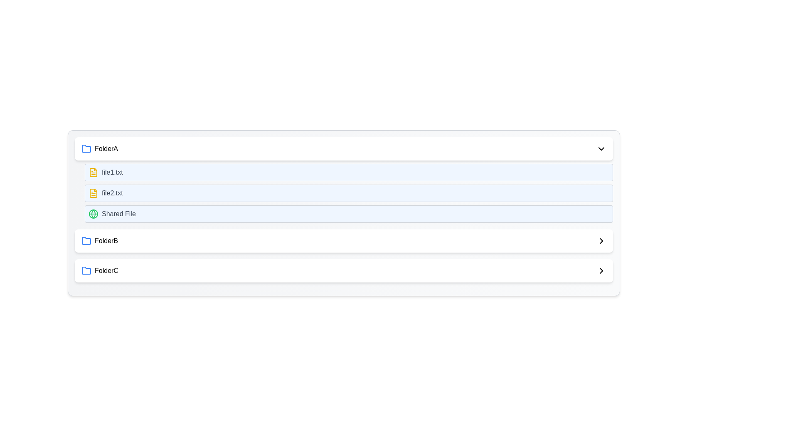  I want to click on the folder icon representing 'FolderC', which is located at the far left of the row containing the text label 'FolderC', so click(86, 270).